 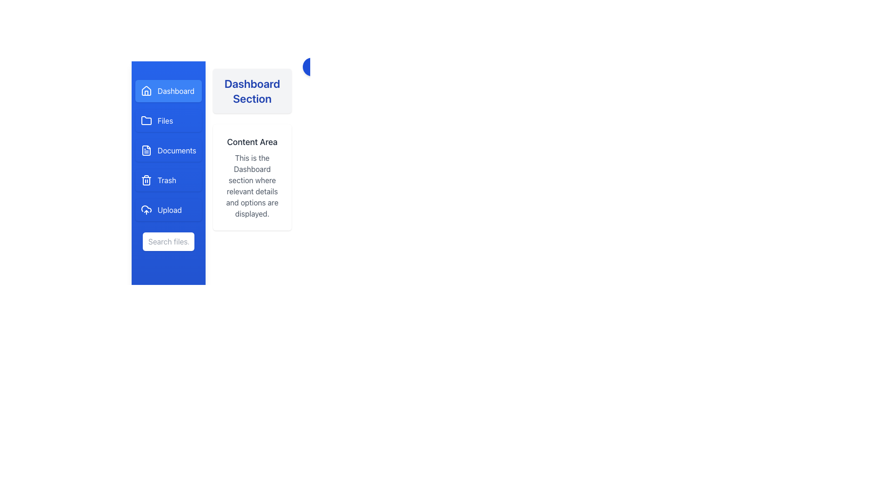 What do you see at coordinates (168, 91) in the screenshot?
I see `the 'Dashboard' button with rounded corners and a house icon` at bounding box center [168, 91].